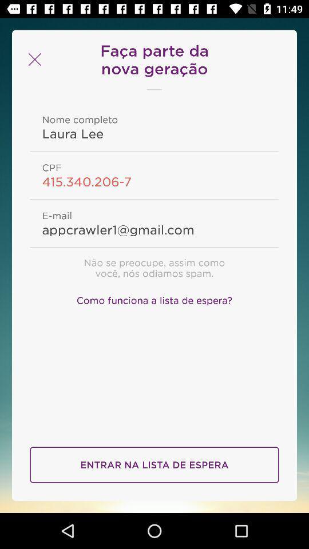  What do you see at coordinates (33, 59) in the screenshot?
I see `the current page` at bounding box center [33, 59].